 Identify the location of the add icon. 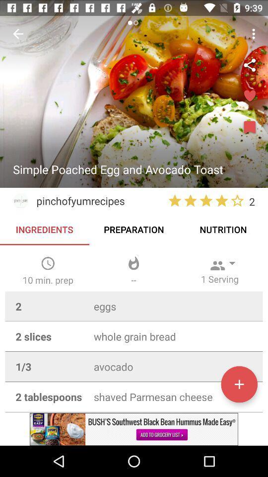
(239, 384).